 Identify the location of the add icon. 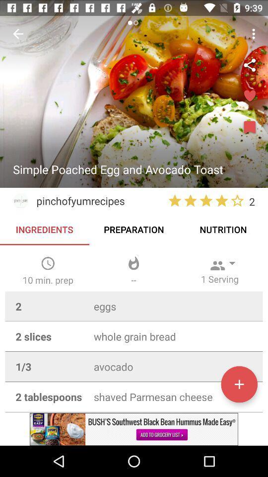
(239, 384).